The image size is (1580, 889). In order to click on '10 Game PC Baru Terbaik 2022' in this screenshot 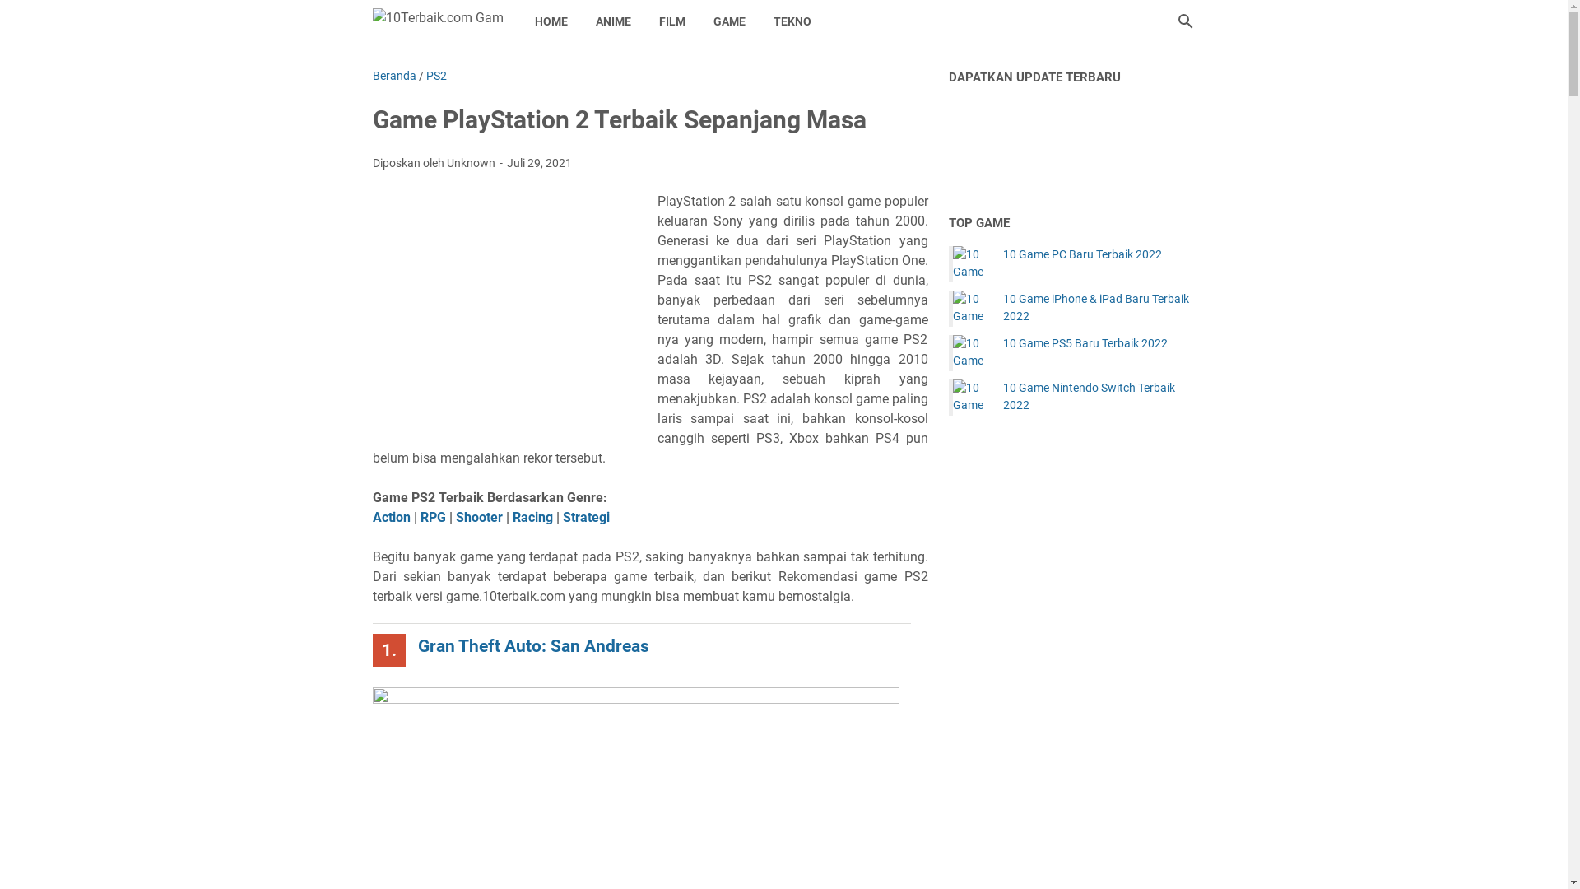, I will do `click(952, 263)`.